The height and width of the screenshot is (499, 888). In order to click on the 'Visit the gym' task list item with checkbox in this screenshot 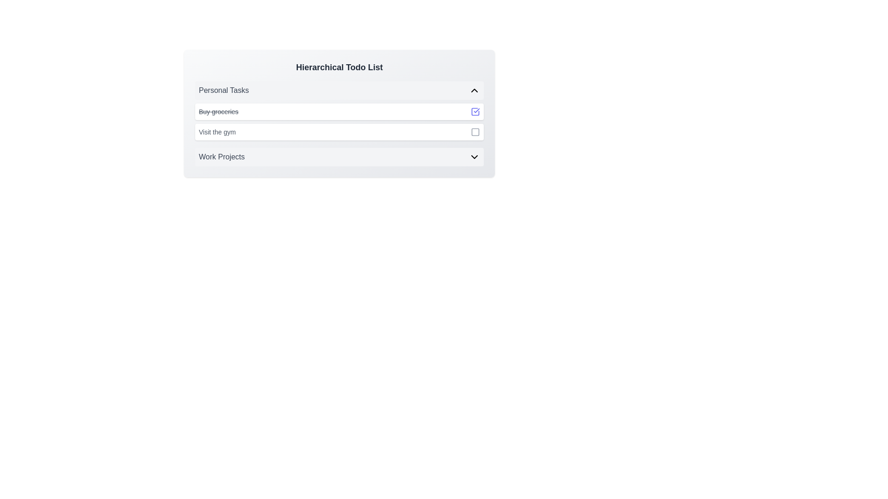, I will do `click(339, 132)`.